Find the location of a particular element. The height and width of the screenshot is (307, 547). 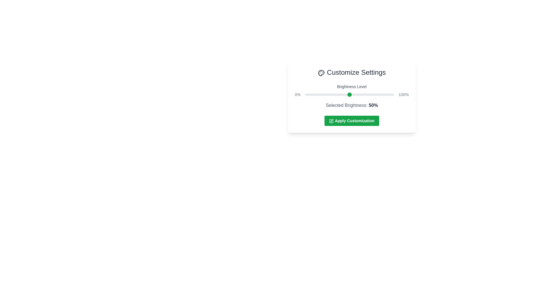

the brightness is located at coordinates (390, 94).